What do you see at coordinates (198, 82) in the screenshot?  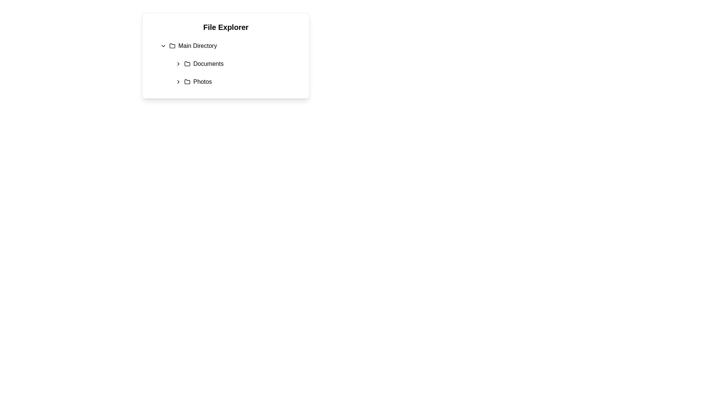 I see `the 'Photos' folder, which is the third item in the list after 'Documents'` at bounding box center [198, 82].